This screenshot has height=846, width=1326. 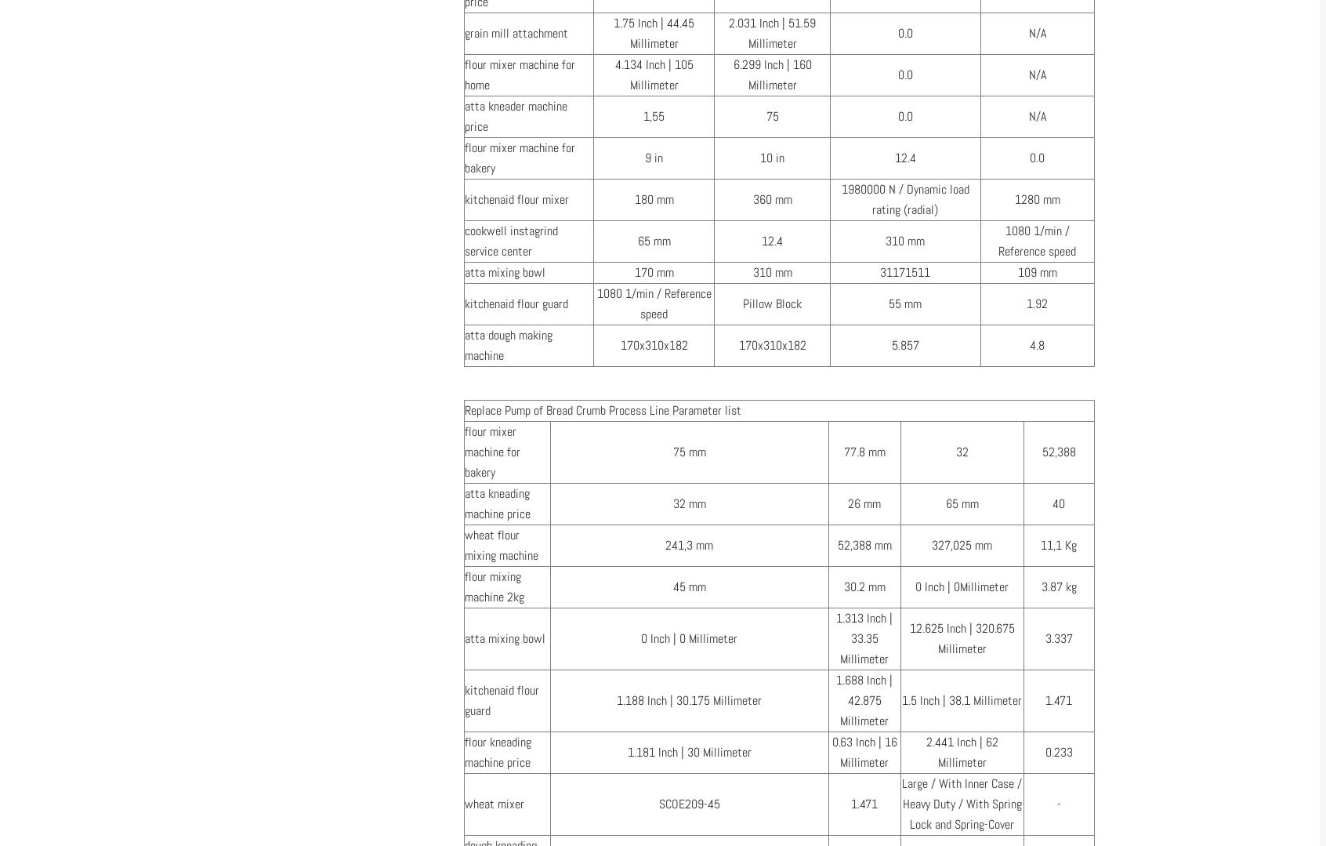 What do you see at coordinates (633, 272) in the screenshot?
I see `'170 mm'` at bounding box center [633, 272].